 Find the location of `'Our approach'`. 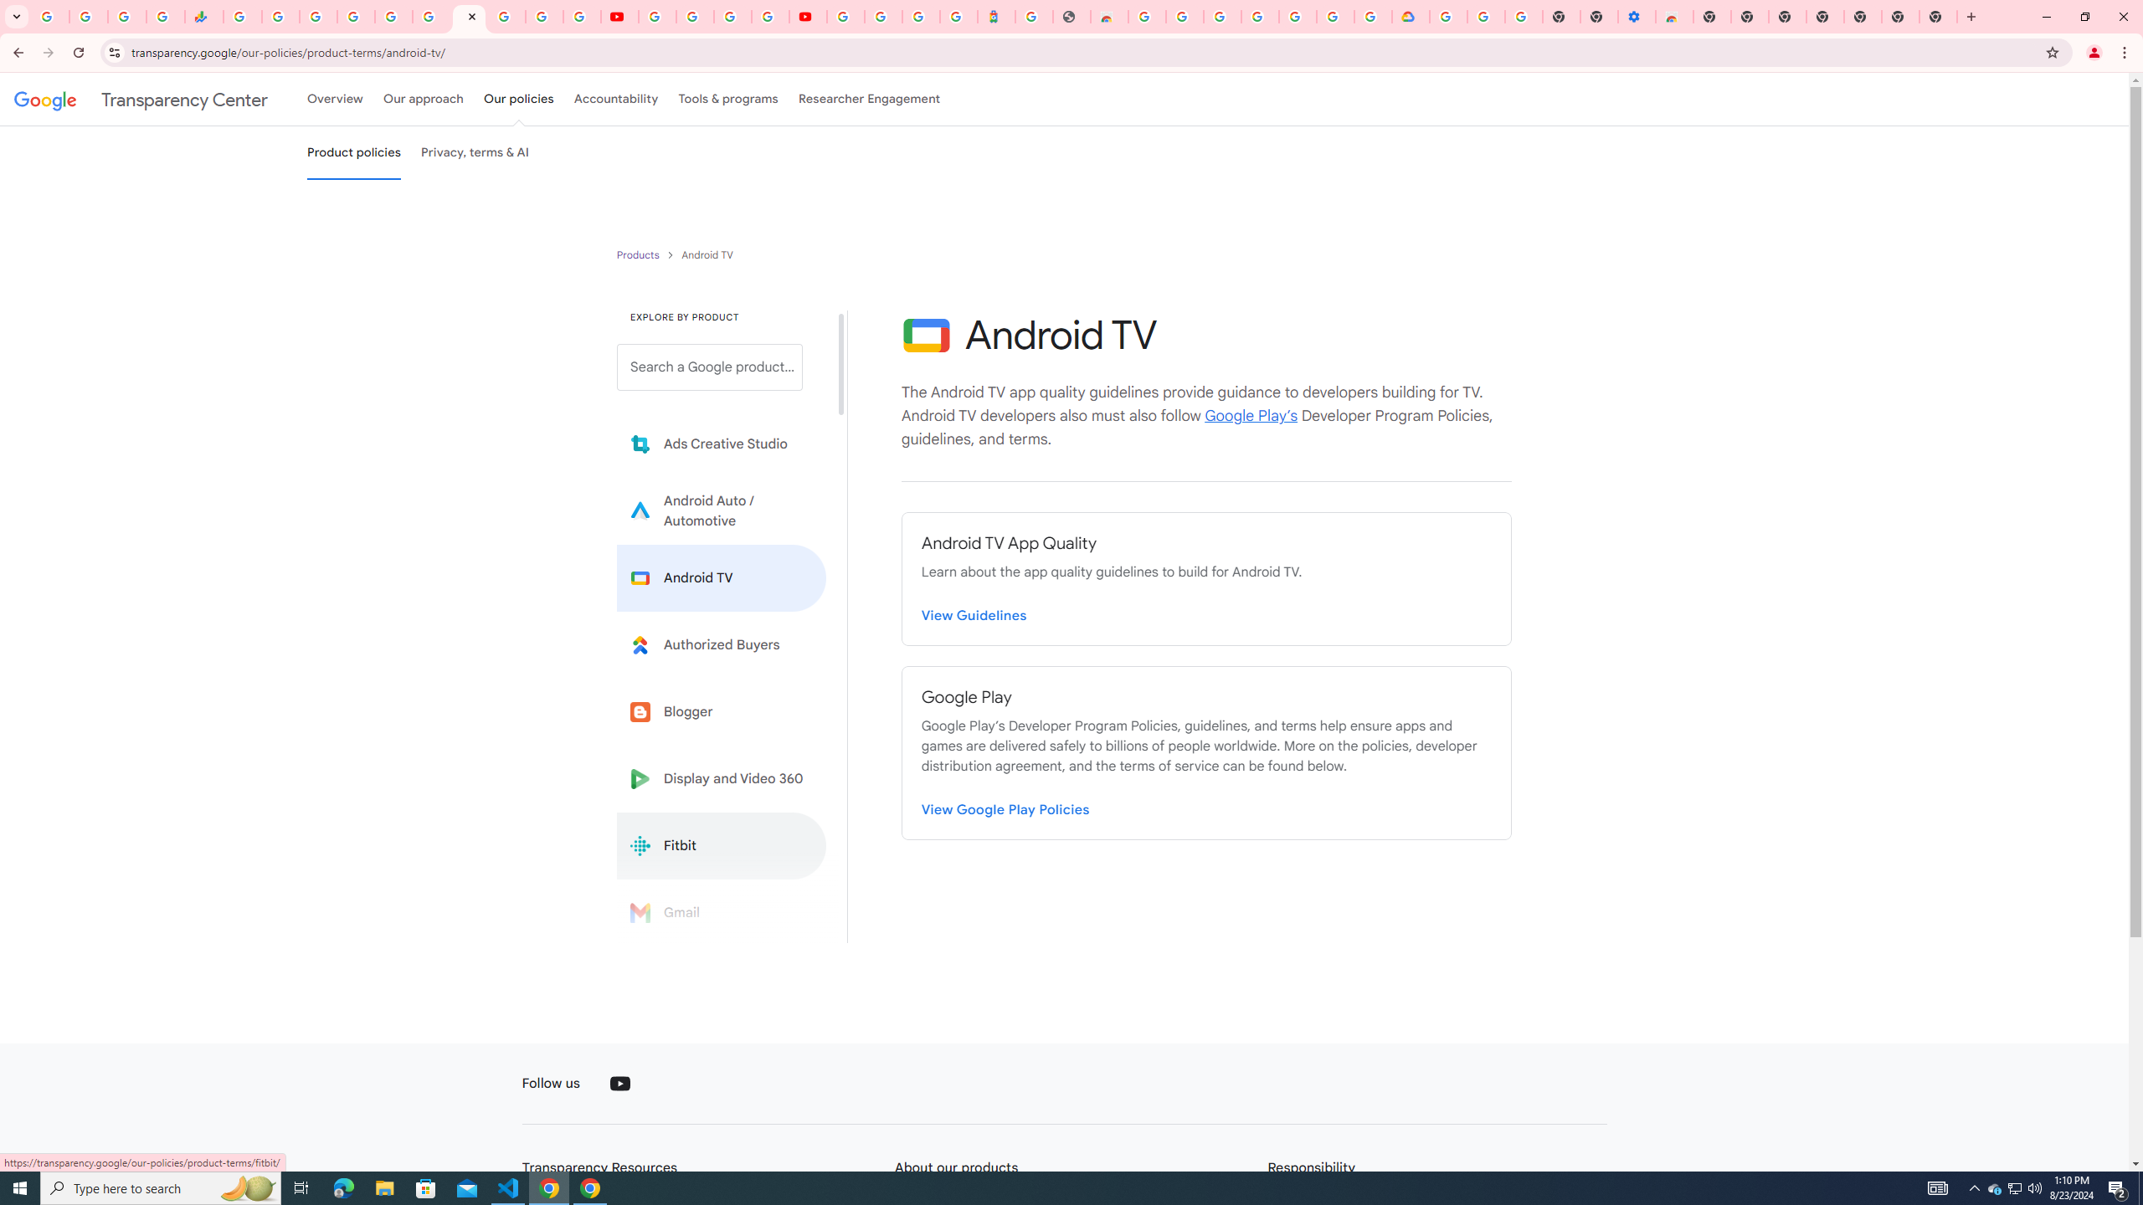

'Our approach' is located at coordinates (423, 99).